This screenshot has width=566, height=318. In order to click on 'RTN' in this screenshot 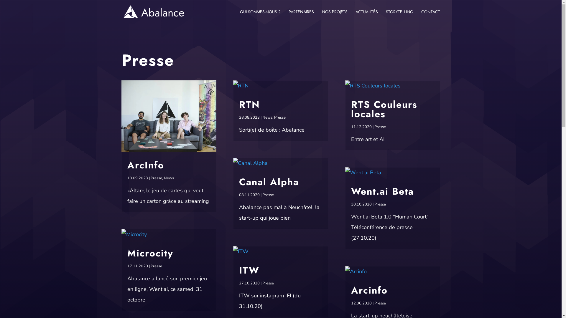, I will do `click(249, 104)`.